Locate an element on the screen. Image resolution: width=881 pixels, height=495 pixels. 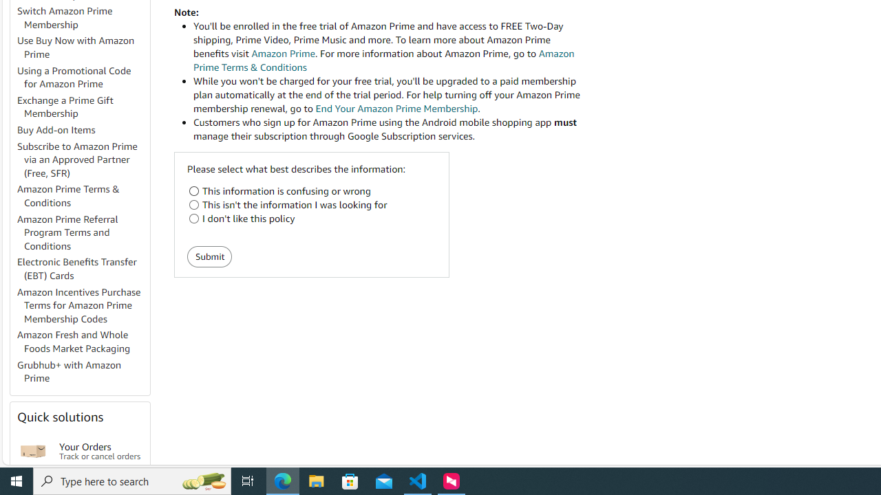
'This isn' is located at coordinates (193, 205).